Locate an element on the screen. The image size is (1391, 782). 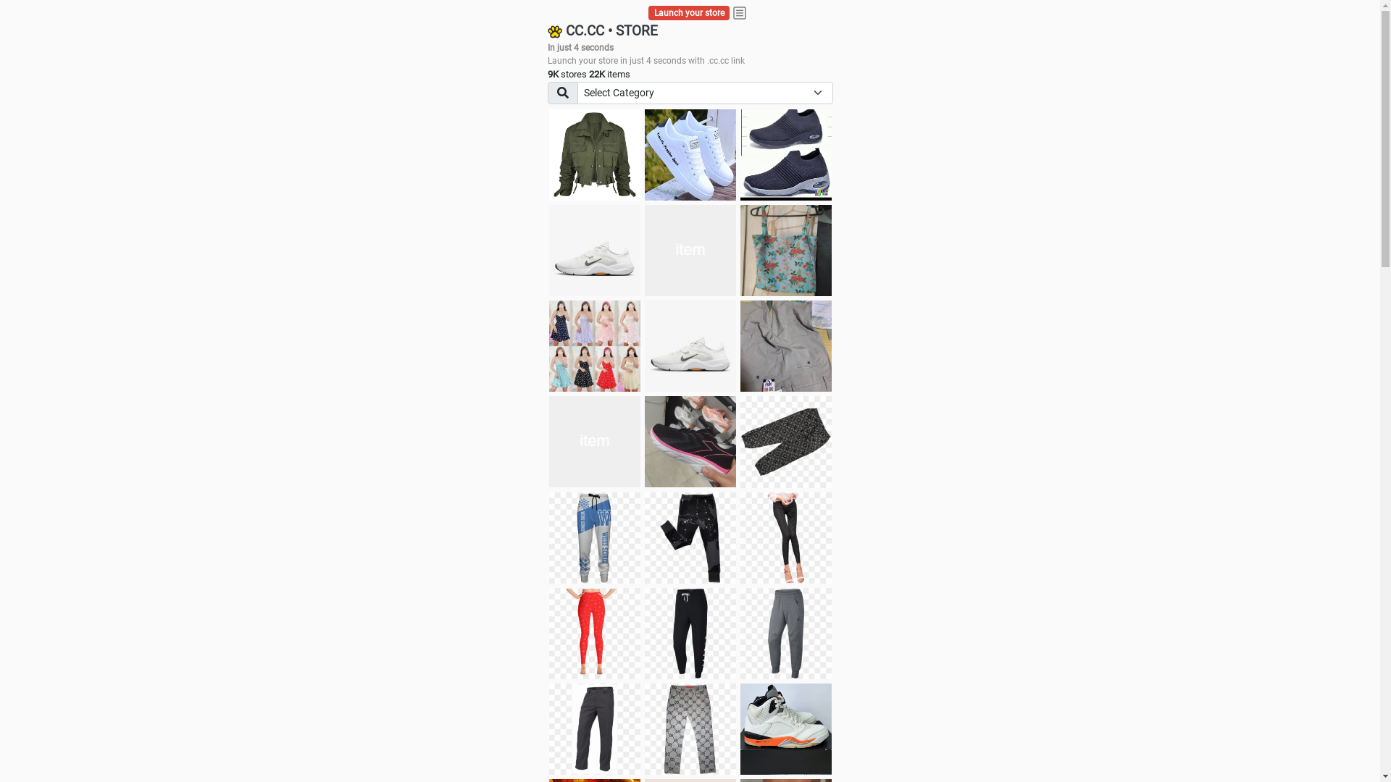
'Ukay cloth' is located at coordinates (785, 250).